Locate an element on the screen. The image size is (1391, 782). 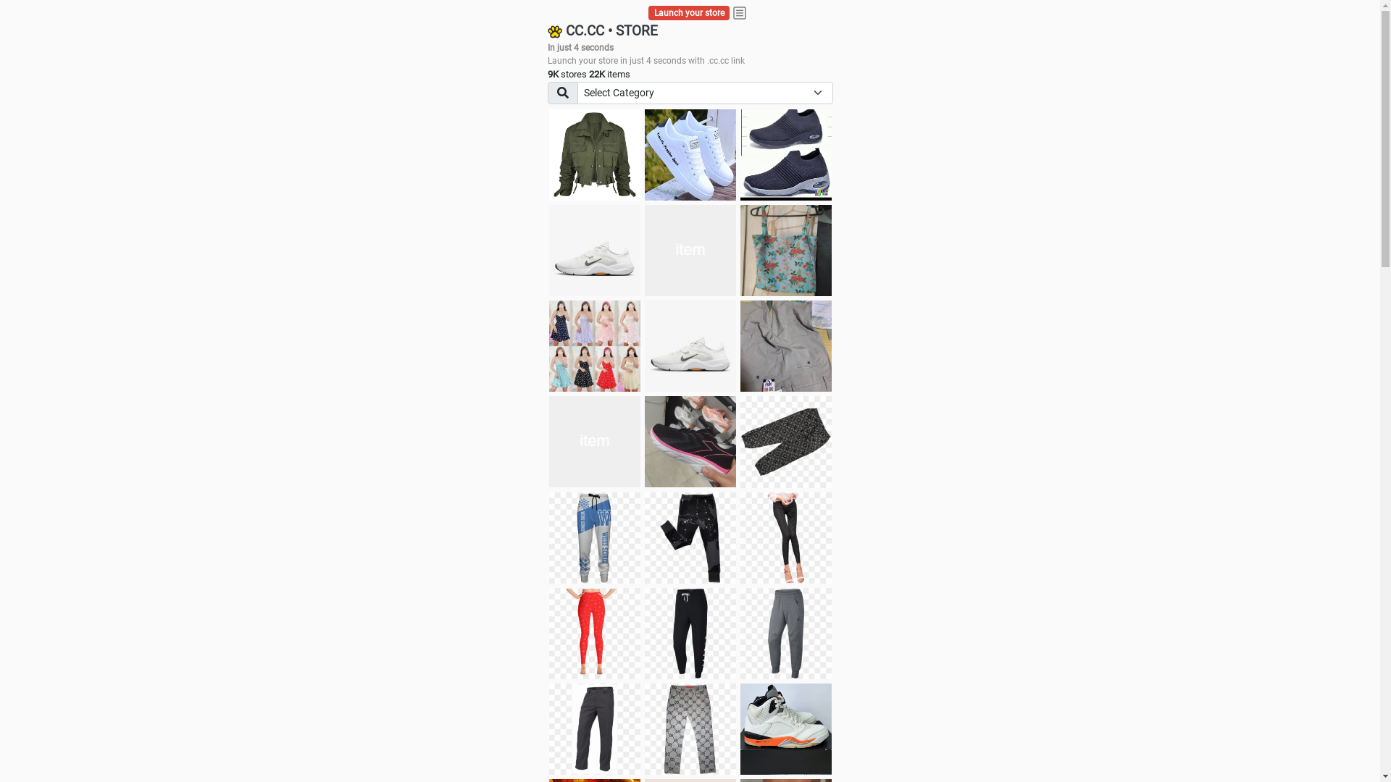
'Ukay cloth' is located at coordinates (785, 250).